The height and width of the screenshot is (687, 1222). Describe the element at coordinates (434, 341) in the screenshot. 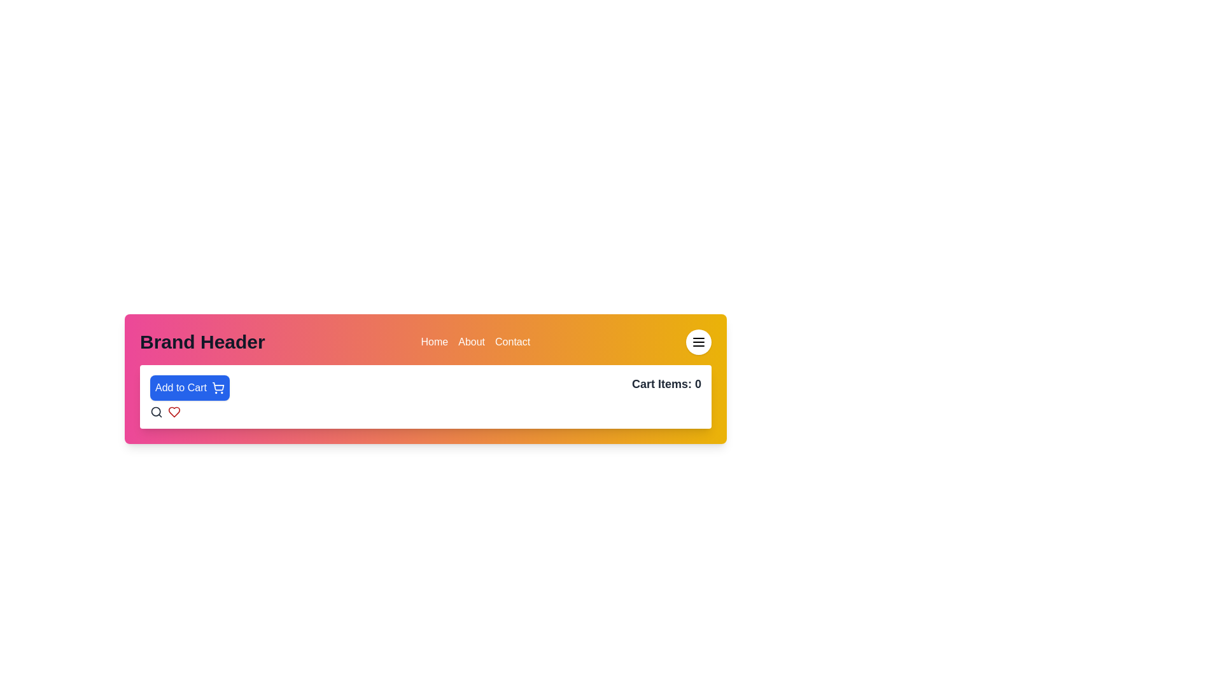

I see `the 'Home' text label in the navigation bar` at that location.